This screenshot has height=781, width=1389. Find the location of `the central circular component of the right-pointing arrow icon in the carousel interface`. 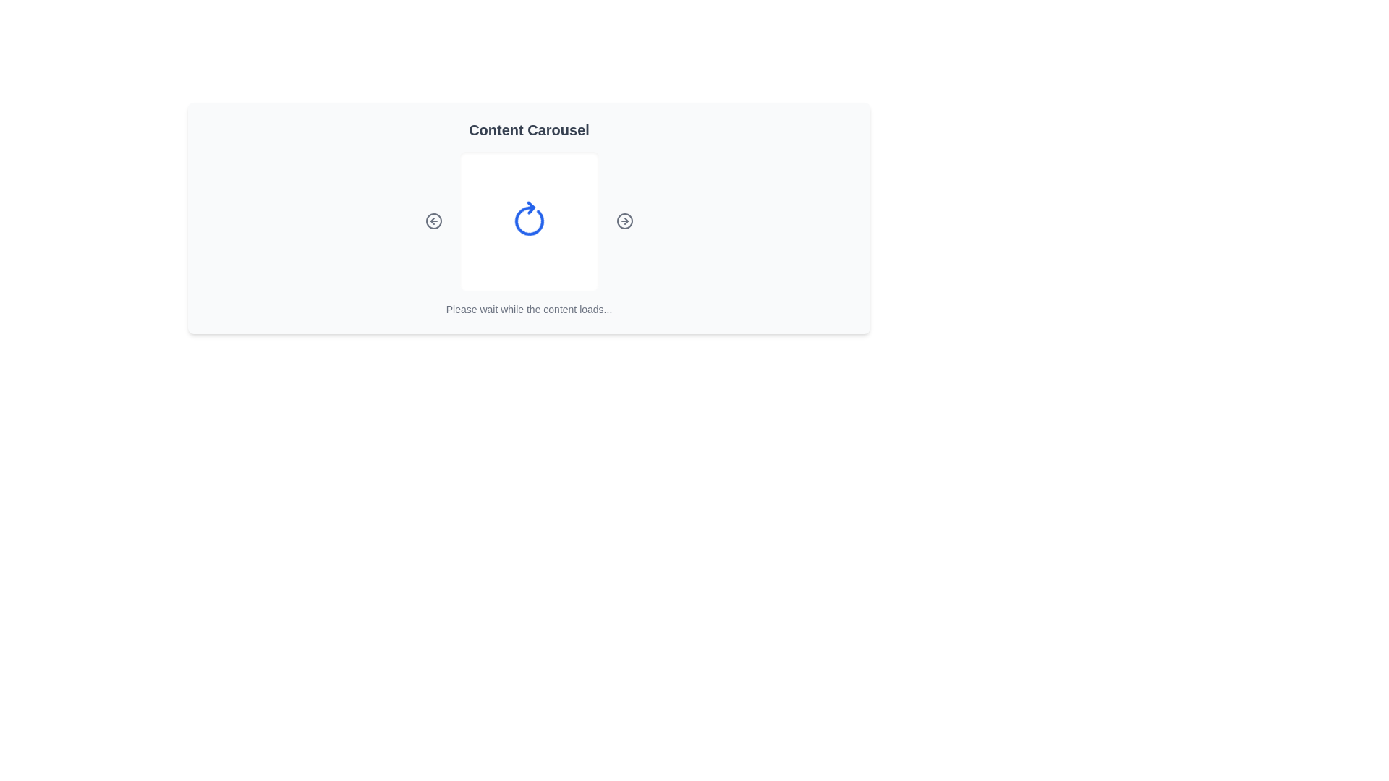

the central circular component of the right-pointing arrow icon in the carousel interface is located at coordinates (624, 221).